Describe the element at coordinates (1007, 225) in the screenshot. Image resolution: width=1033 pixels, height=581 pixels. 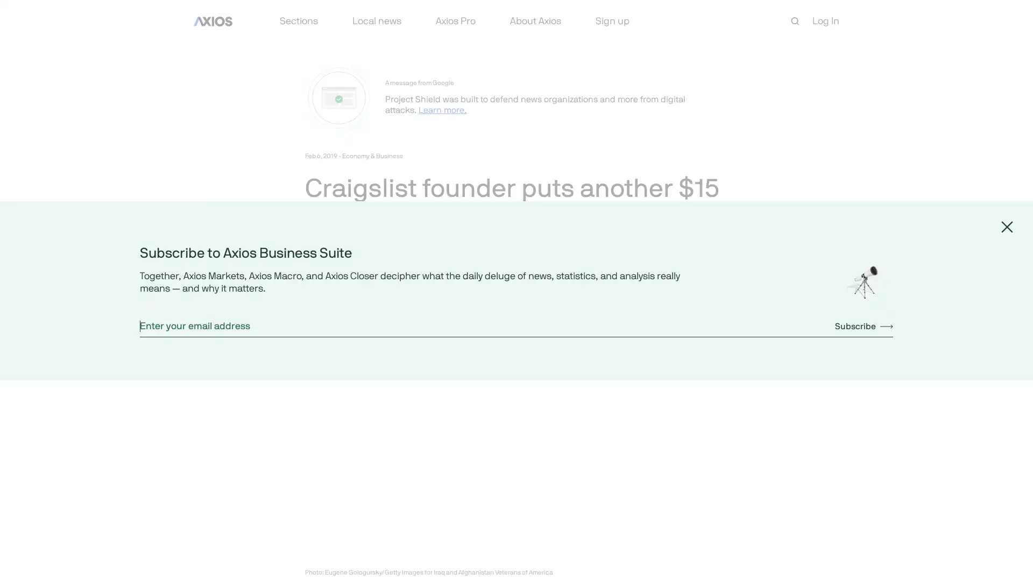
I see `close` at that location.